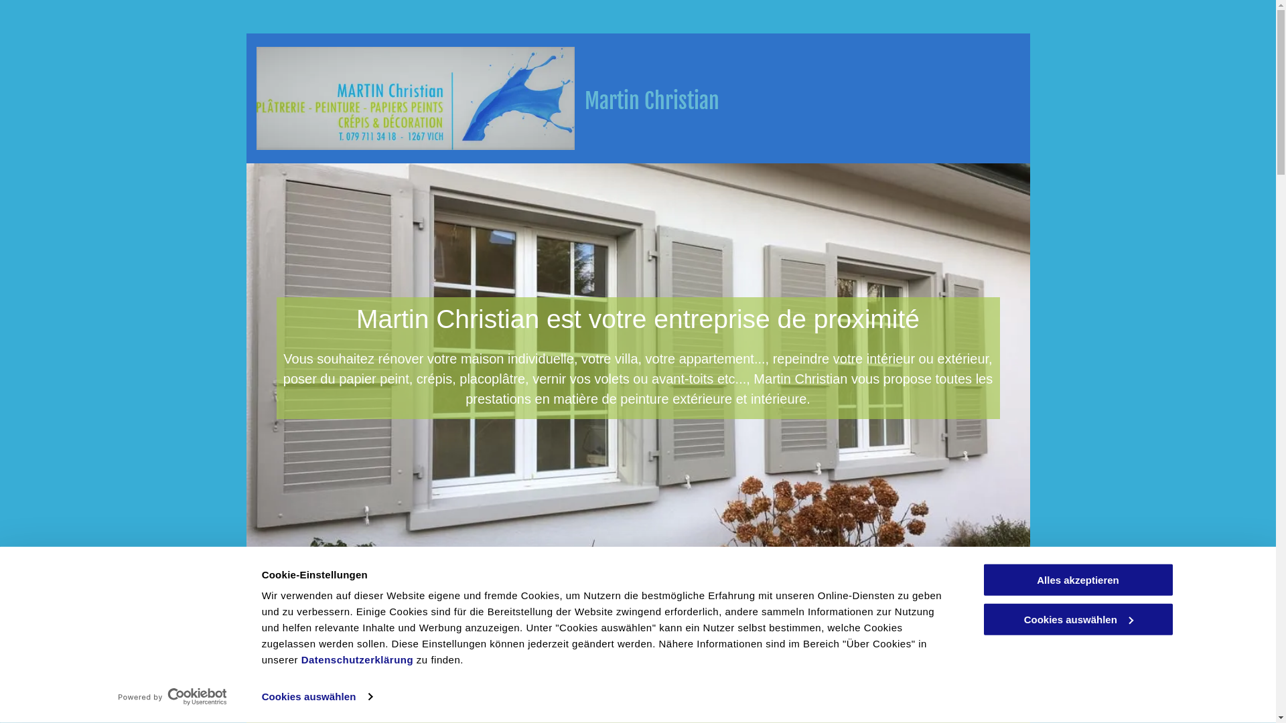  Describe the element at coordinates (1077, 579) in the screenshot. I see `'Alles akzeptieren'` at that location.